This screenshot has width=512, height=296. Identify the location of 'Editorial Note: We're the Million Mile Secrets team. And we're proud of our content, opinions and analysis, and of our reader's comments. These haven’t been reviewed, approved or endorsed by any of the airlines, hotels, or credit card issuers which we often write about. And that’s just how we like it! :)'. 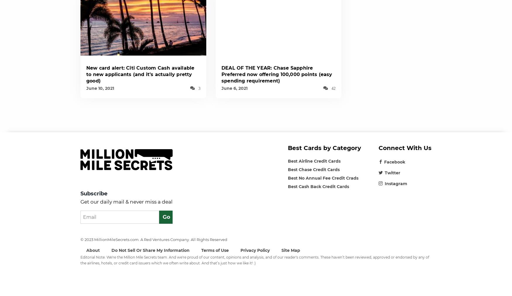
(255, 260).